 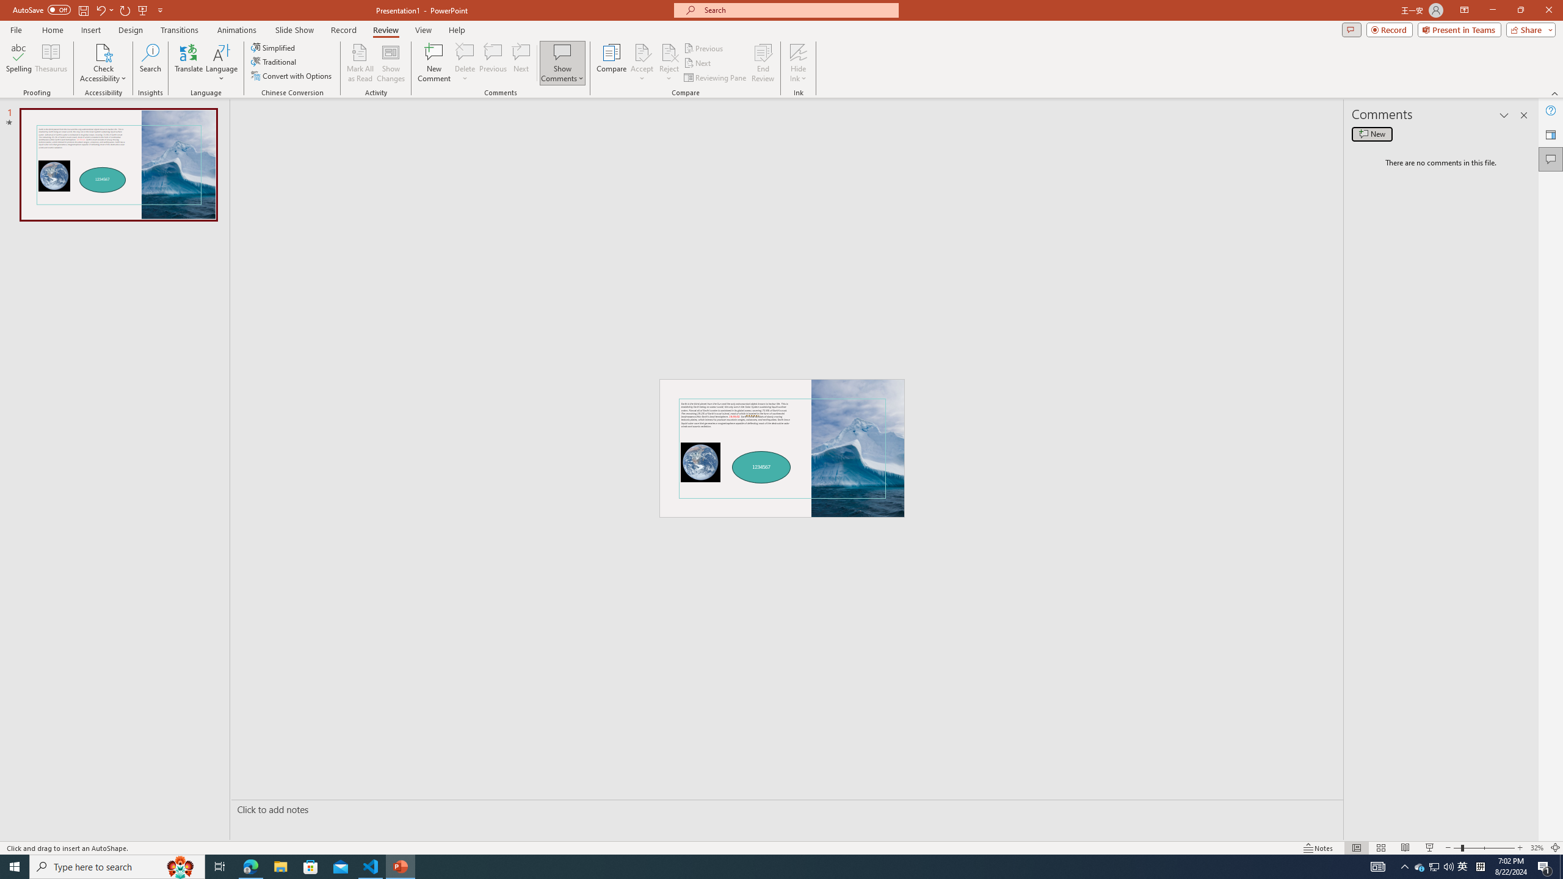 What do you see at coordinates (1371, 133) in the screenshot?
I see `'New comment'` at bounding box center [1371, 133].